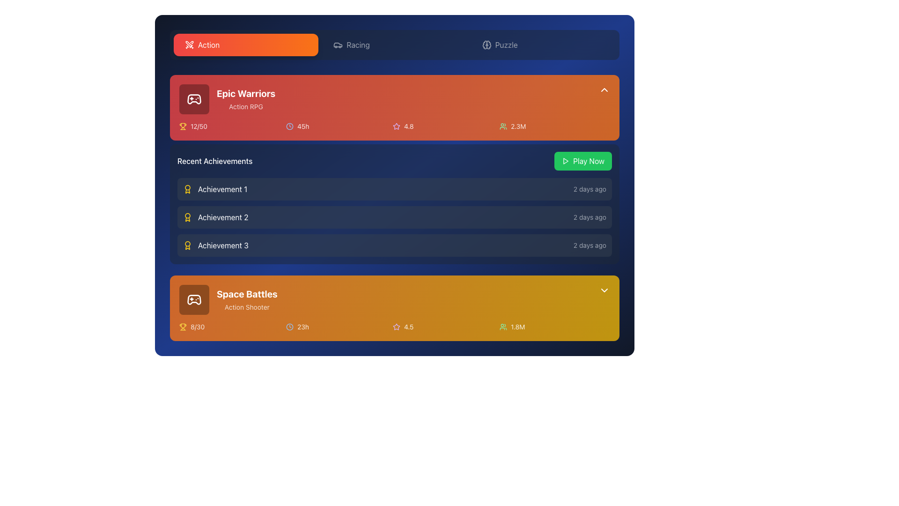 The height and width of the screenshot is (506, 899). Describe the element at coordinates (518, 126) in the screenshot. I see `text label displaying '2.3M' located to the right of the green user icon in the user count indicator group` at that location.